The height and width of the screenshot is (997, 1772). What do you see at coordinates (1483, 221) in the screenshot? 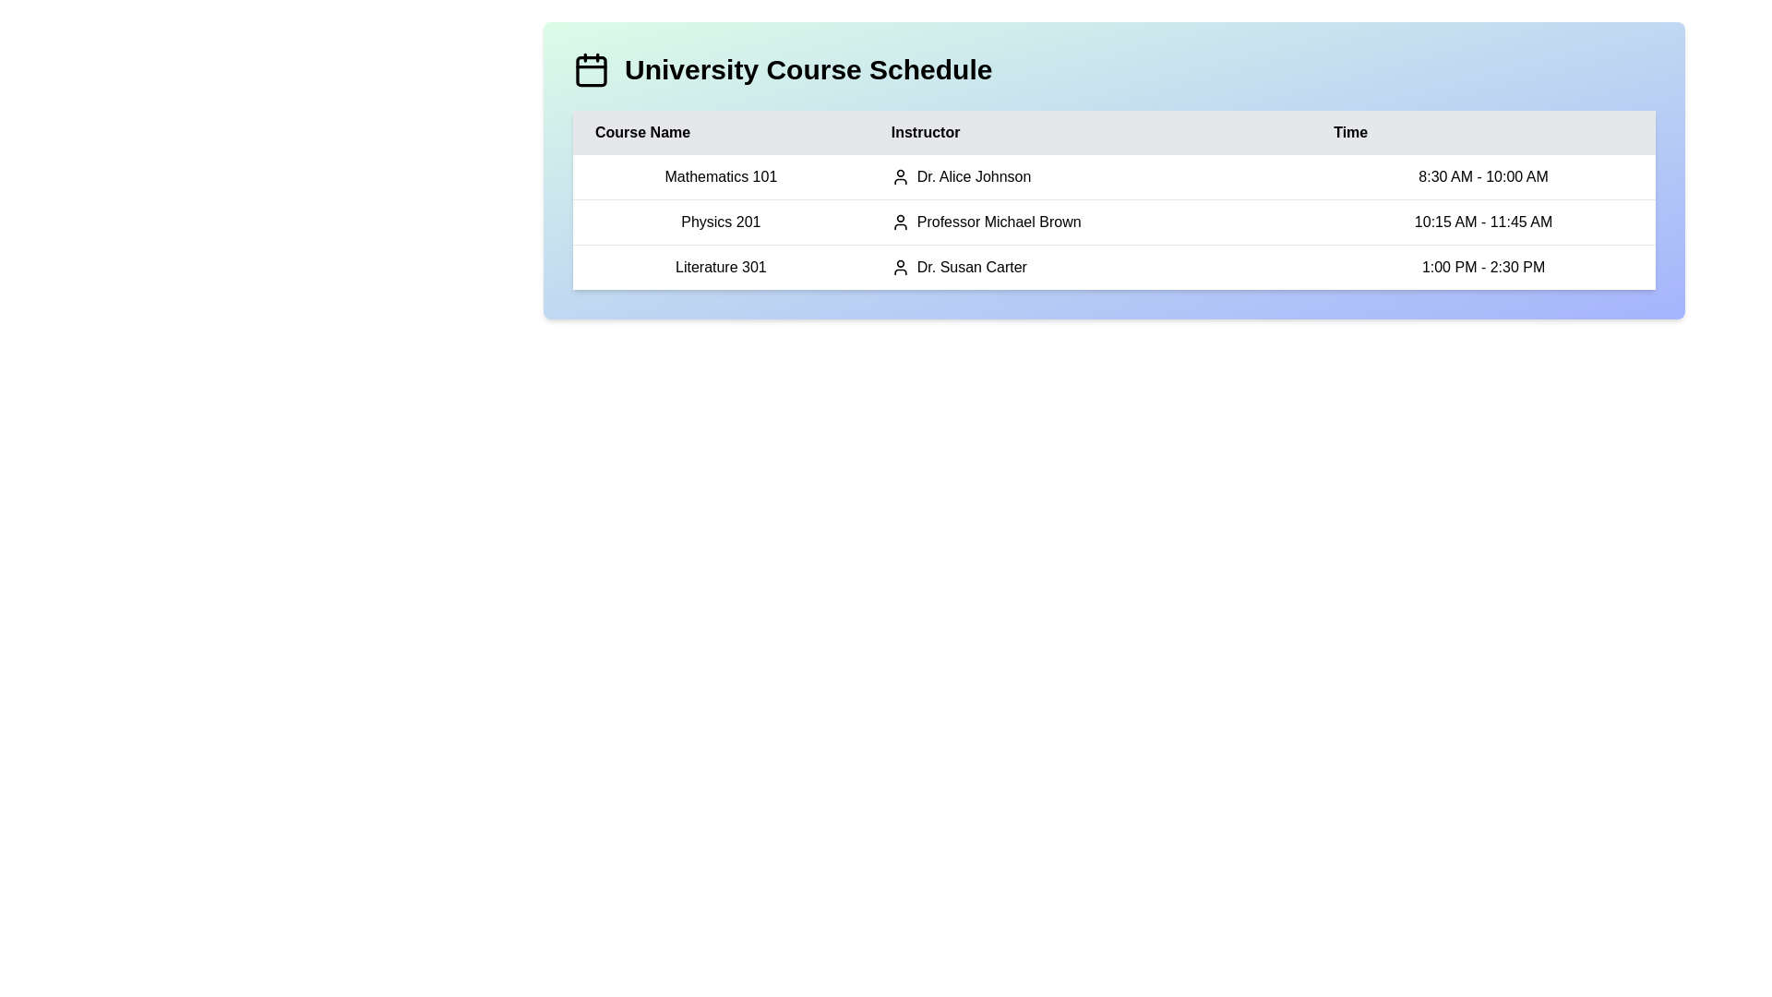
I see `the text display indicating the scheduled time for the 'Physics 201' course, located in the 'Time' column of the second row in the 'University Course Schedule' table` at bounding box center [1483, 221].